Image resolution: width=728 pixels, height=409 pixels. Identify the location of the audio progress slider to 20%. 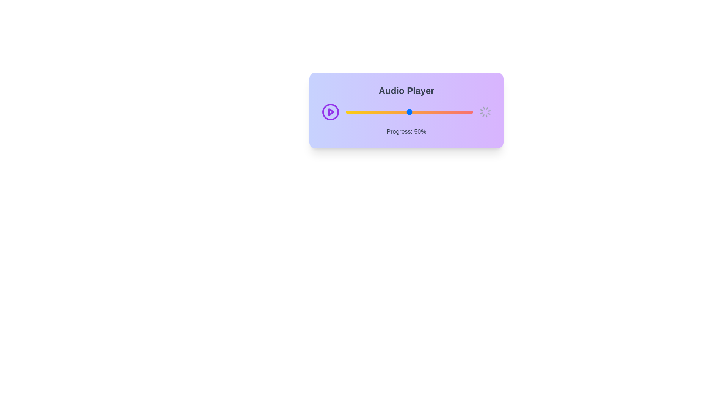
(371, 112).